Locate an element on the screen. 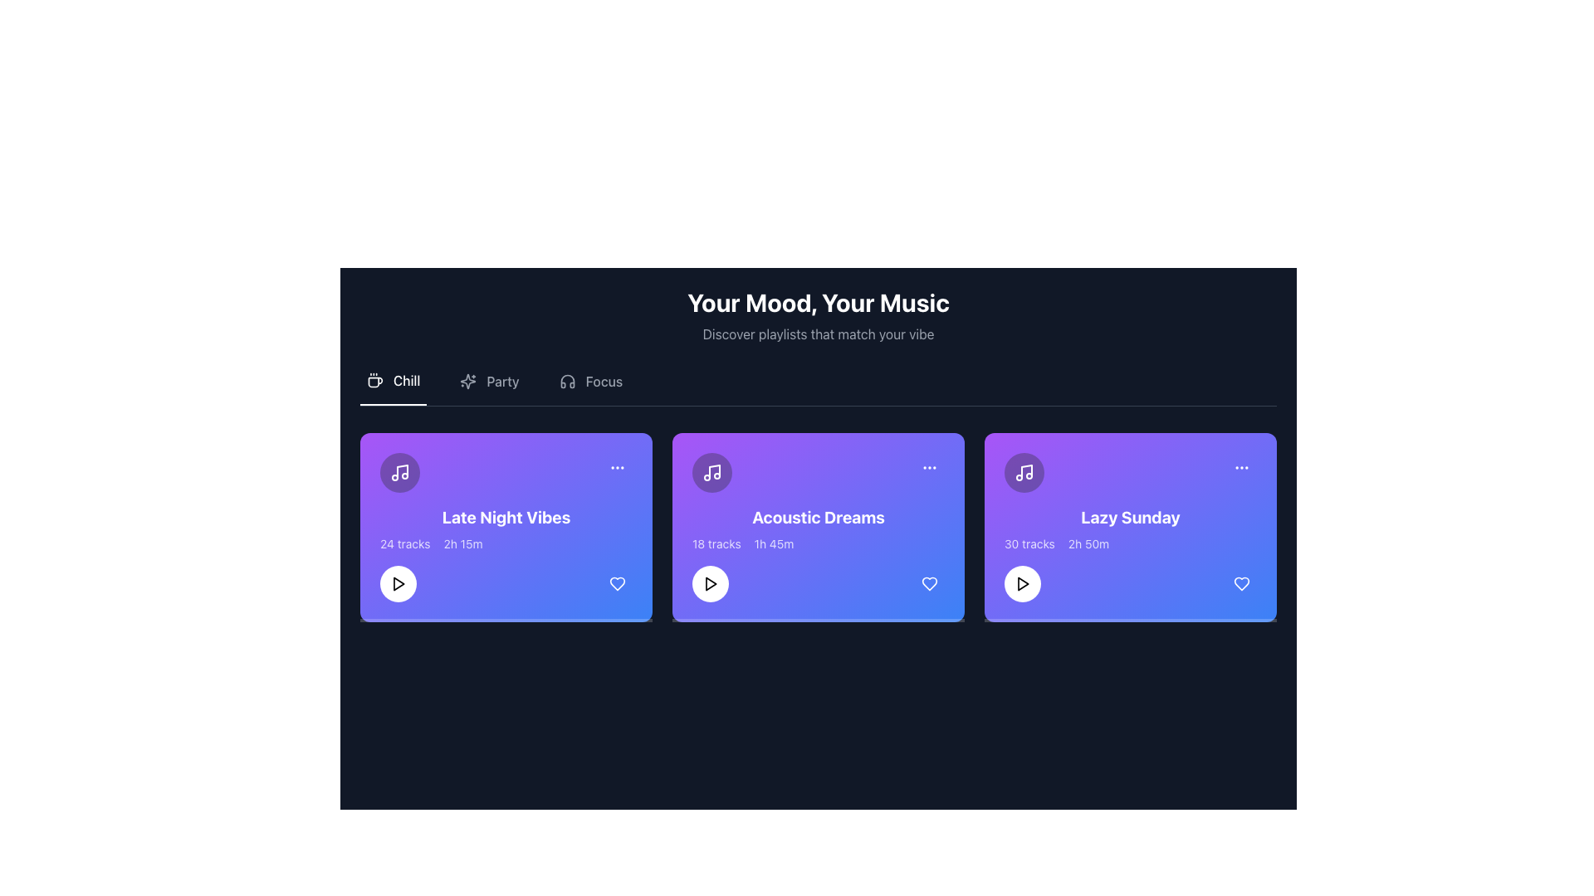  the label displaying '2h 15m' in thin white font, located within the 'Late Night Vibes' playlist card, positioned to the right of the '24 tracks' element is located at coordinates (462, 543).